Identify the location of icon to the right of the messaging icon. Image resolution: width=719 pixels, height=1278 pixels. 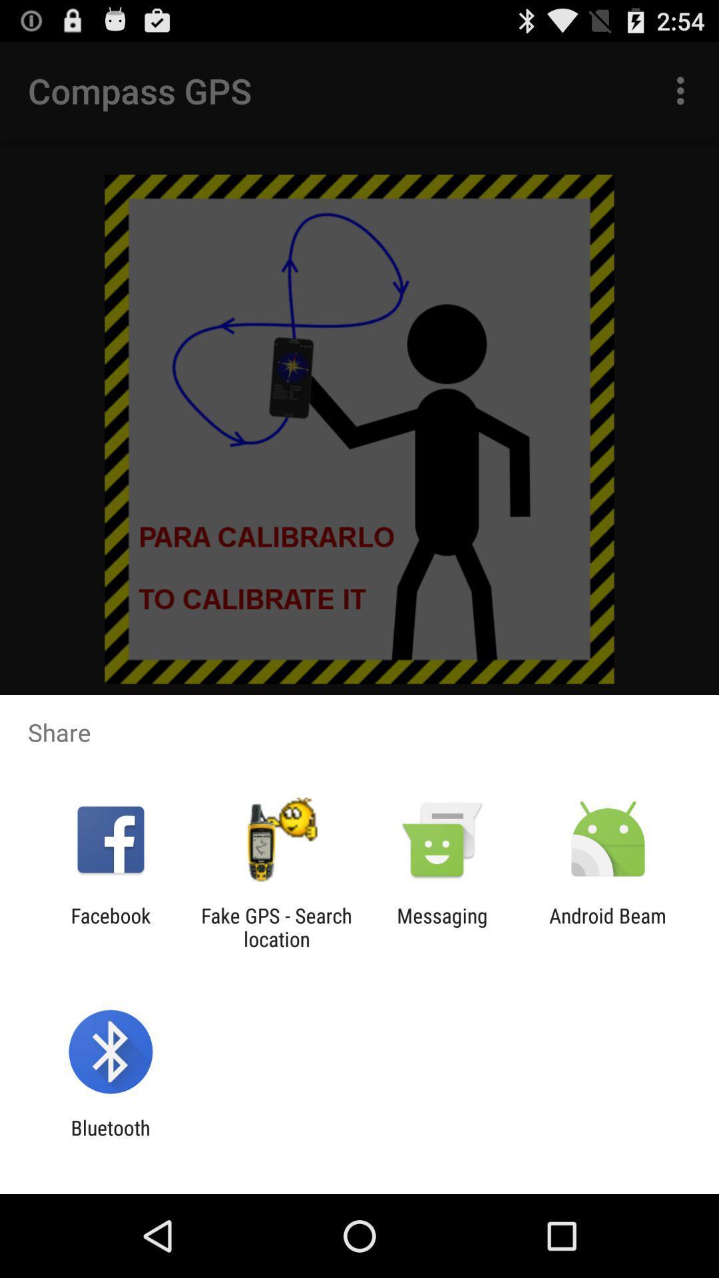
(608, 927).